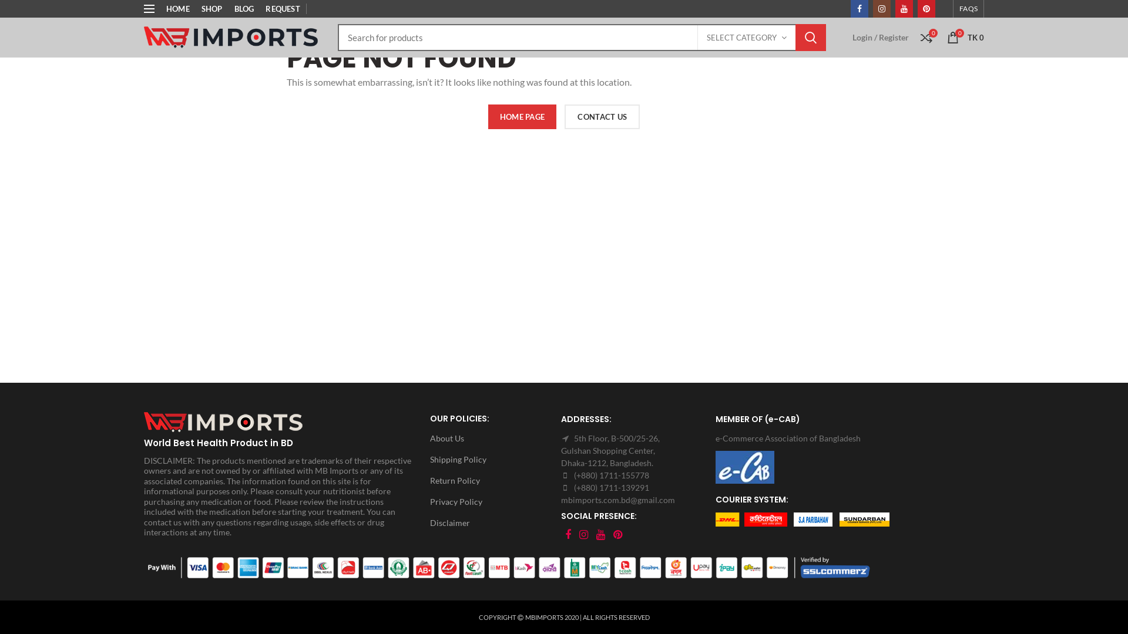 The image size is (1128, 634). I want to click on 'Login / Register', so click(852, 36).